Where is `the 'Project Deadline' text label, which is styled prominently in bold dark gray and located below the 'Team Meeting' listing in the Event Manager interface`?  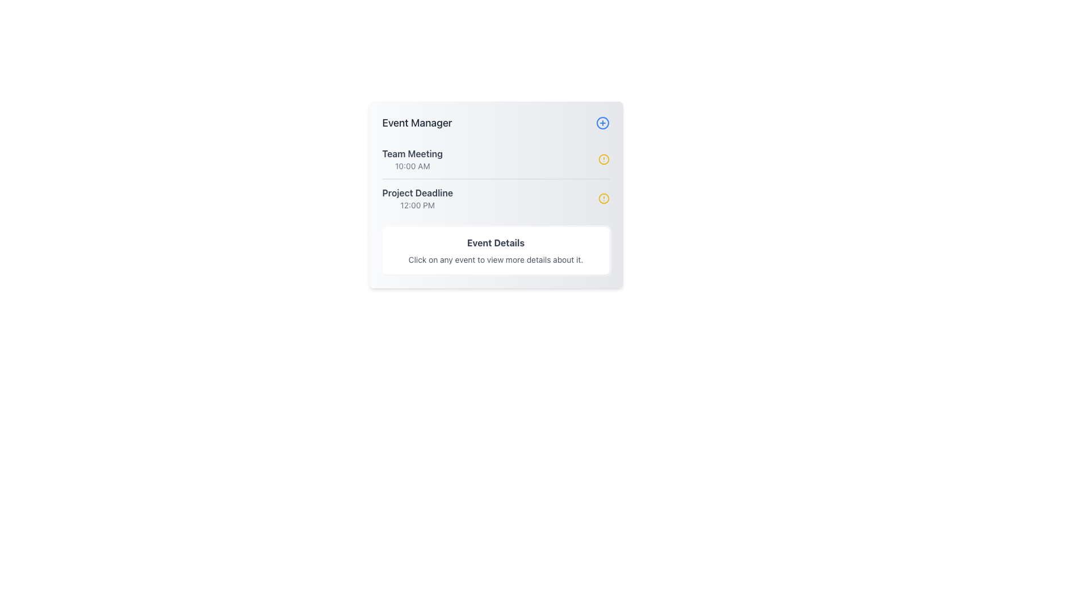 the 'Project Deadline' text label, which is styled prominently in bold dark gray and located below the 'Team Meeting' listing in the Event Manager interface is located at coordinates (417, 192).